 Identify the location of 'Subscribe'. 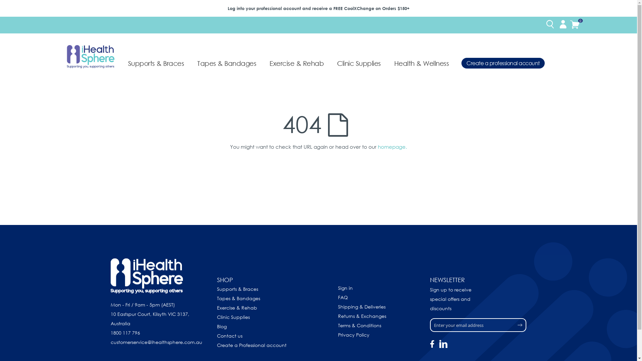
(492, 325).